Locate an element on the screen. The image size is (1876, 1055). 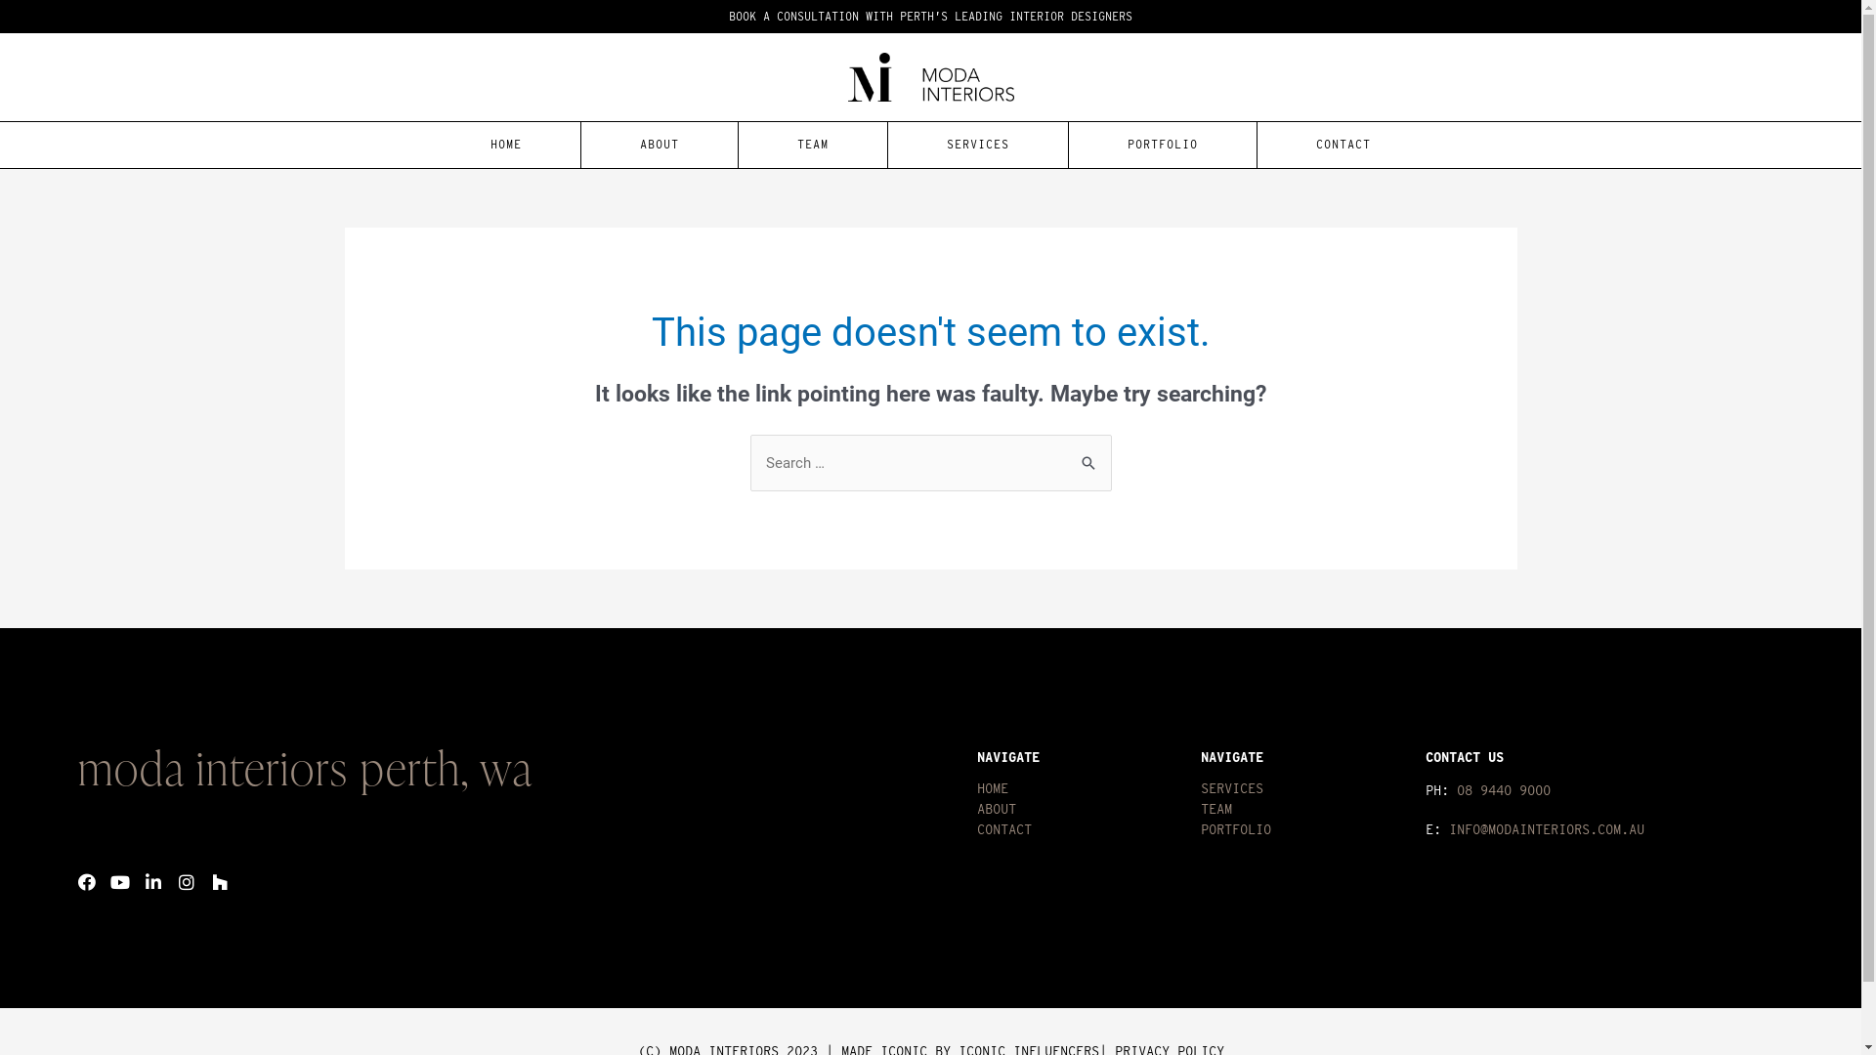
'Linkedin-in' is located at coordinates (144, 881).